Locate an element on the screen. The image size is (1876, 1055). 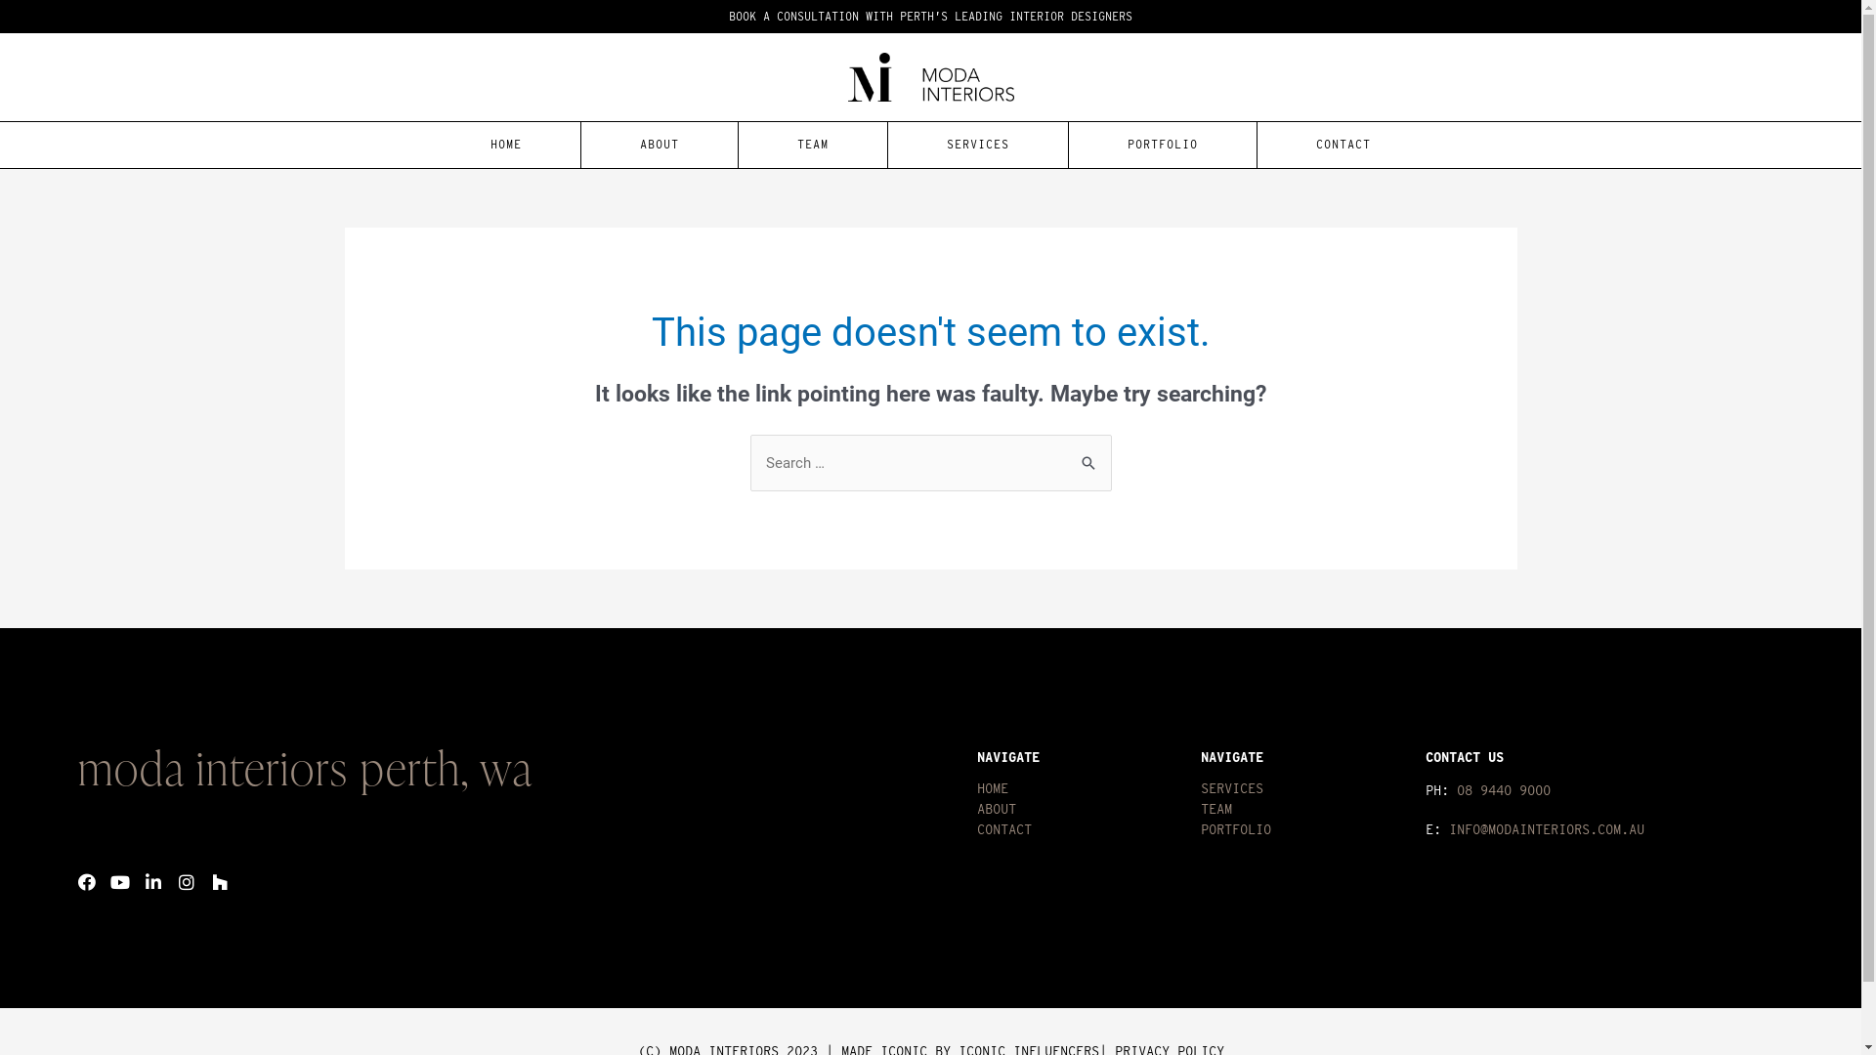
'Linkedin-in' is located at coordinates (144, 881).